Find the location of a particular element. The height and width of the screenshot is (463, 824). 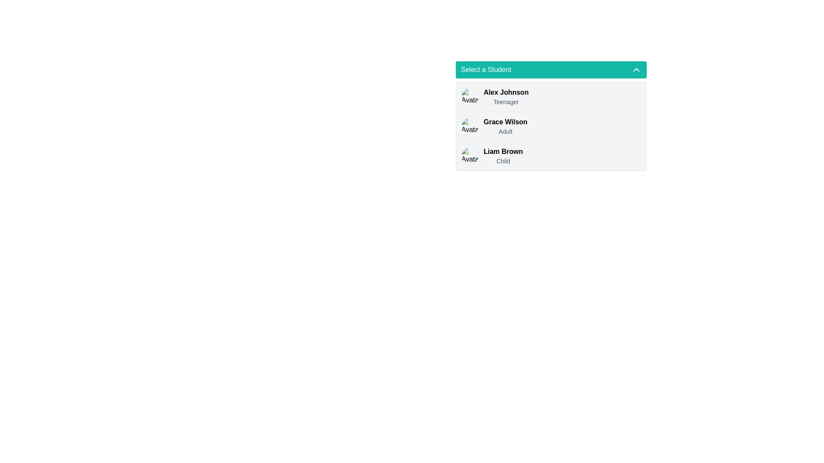

the text display element that shows 'Alex Johnson' and 'Teenager' is located at coordinates (506, 96).